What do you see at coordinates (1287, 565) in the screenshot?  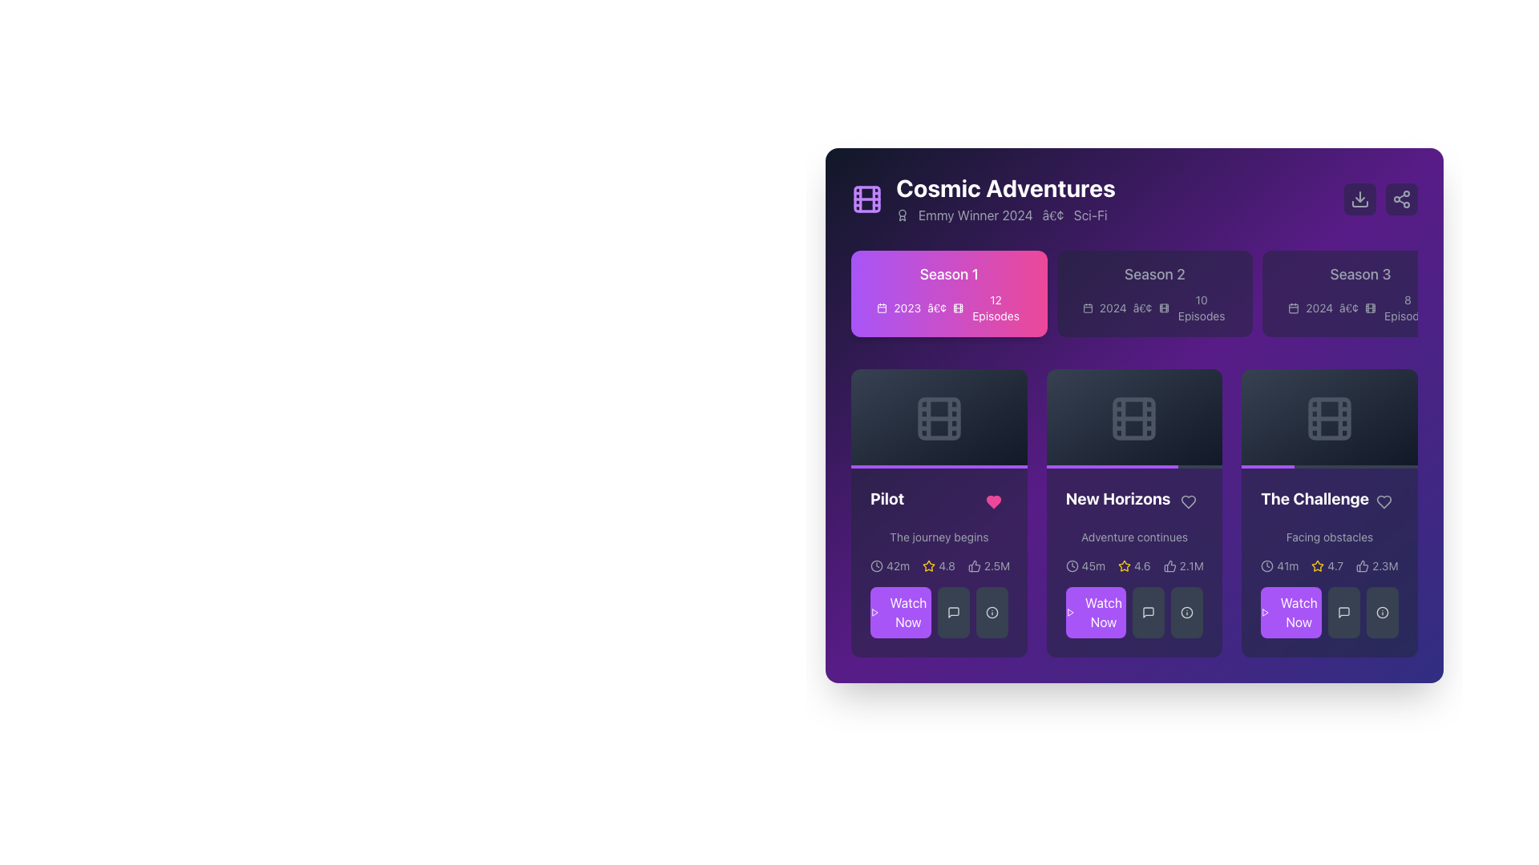 I see `the Text Label indicating the duration of the episode 'The Challenge', which specifies a runtime of 41 minutes, located to the right of the clock icon on the third card in the episode grid` at bounding box center [1287, 565].